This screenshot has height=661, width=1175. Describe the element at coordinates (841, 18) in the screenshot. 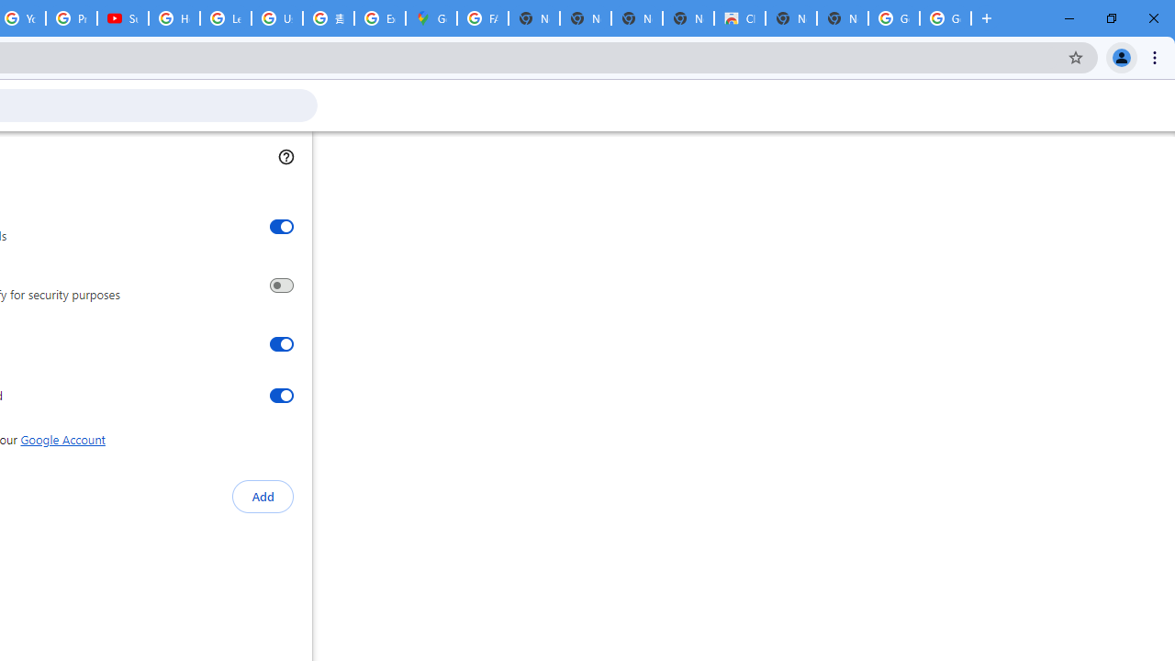

I see `'New Tab'` at that location.